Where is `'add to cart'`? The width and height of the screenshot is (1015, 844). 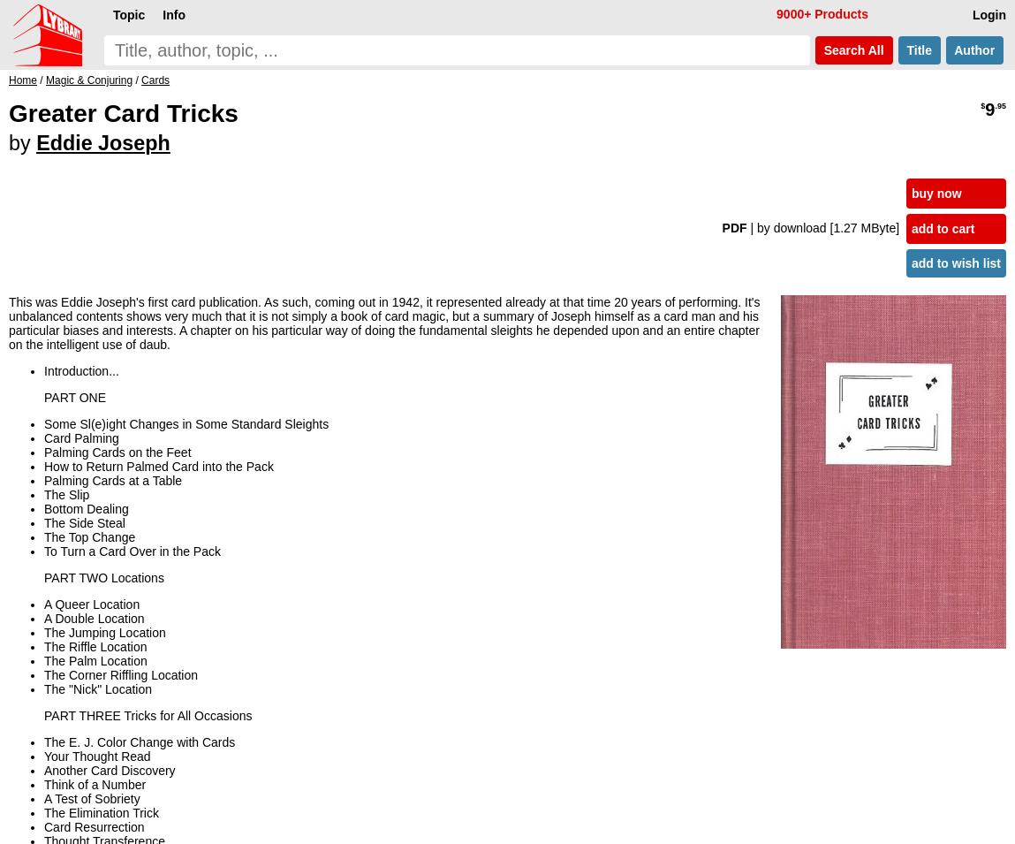 'add to cart' is located at coordinates (942, 228).